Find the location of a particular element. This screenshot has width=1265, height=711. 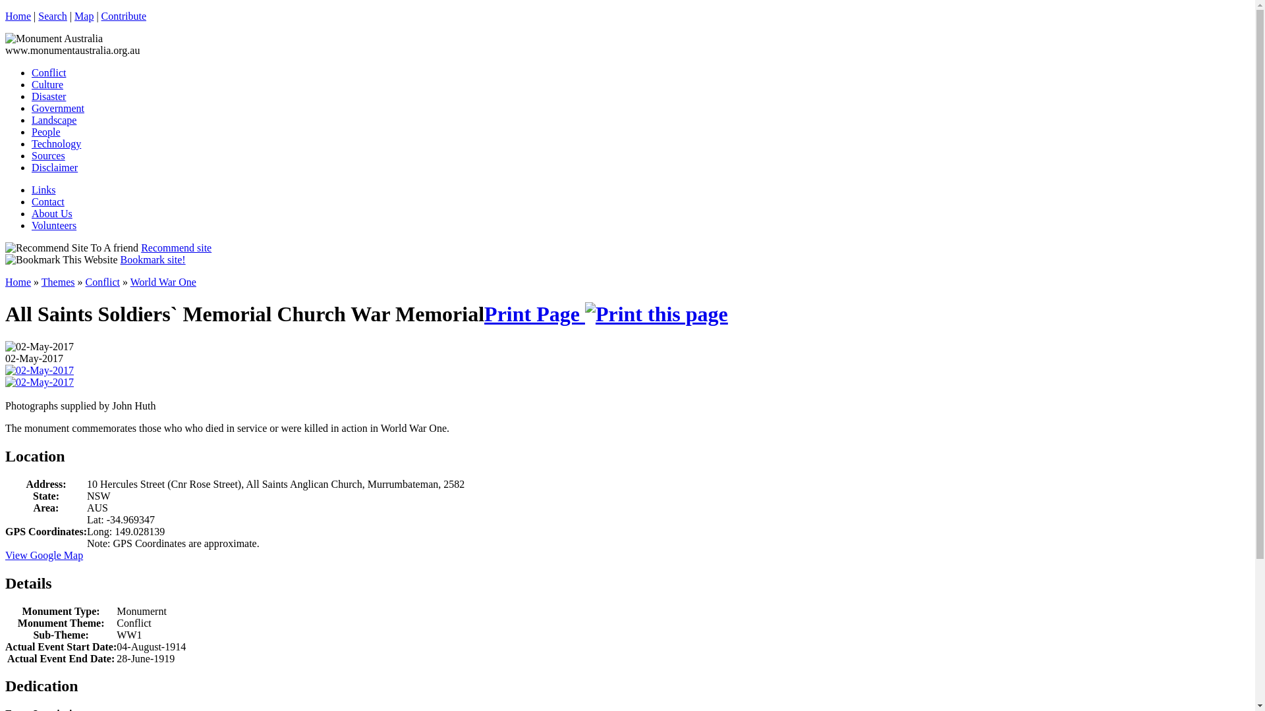

'Print this page' is located at coordinates (656, 314).